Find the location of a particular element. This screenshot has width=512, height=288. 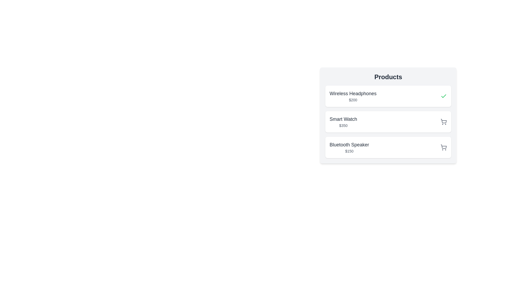

the Text Display showing 'Bluetooth Speaker' and its price '$150' is located at coordinates (349, 147).